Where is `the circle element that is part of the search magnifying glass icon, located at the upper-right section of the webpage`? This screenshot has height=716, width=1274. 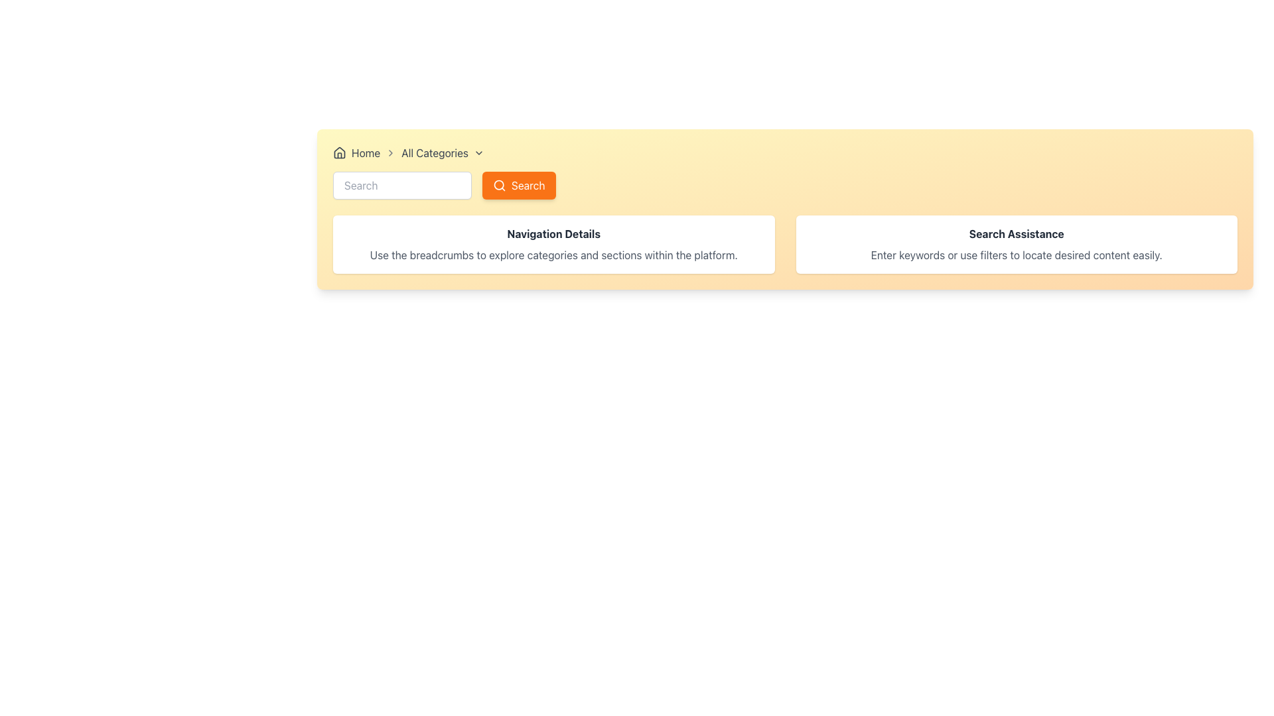
the circle element that is part of the search magnifying glass icon, located at the upper-right section of the webpage is located at coordinates (498, 185).